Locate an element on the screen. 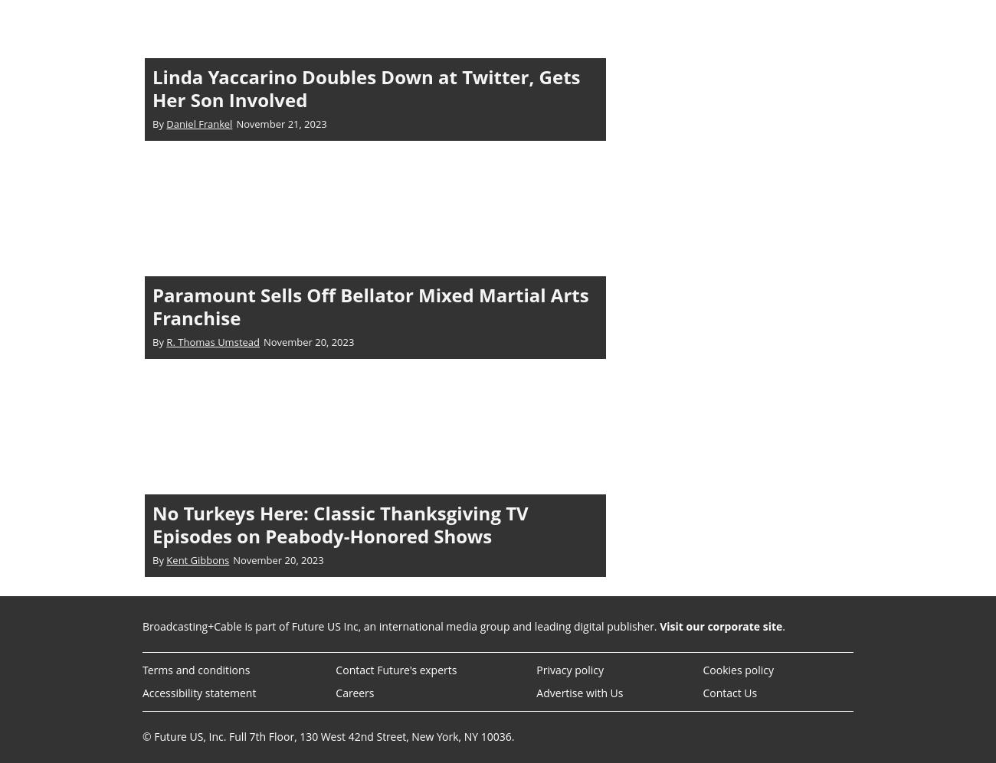 This screenshot has width=996, height=763. 'R. Thomas Umstead' is located at coordinates (212, 341).